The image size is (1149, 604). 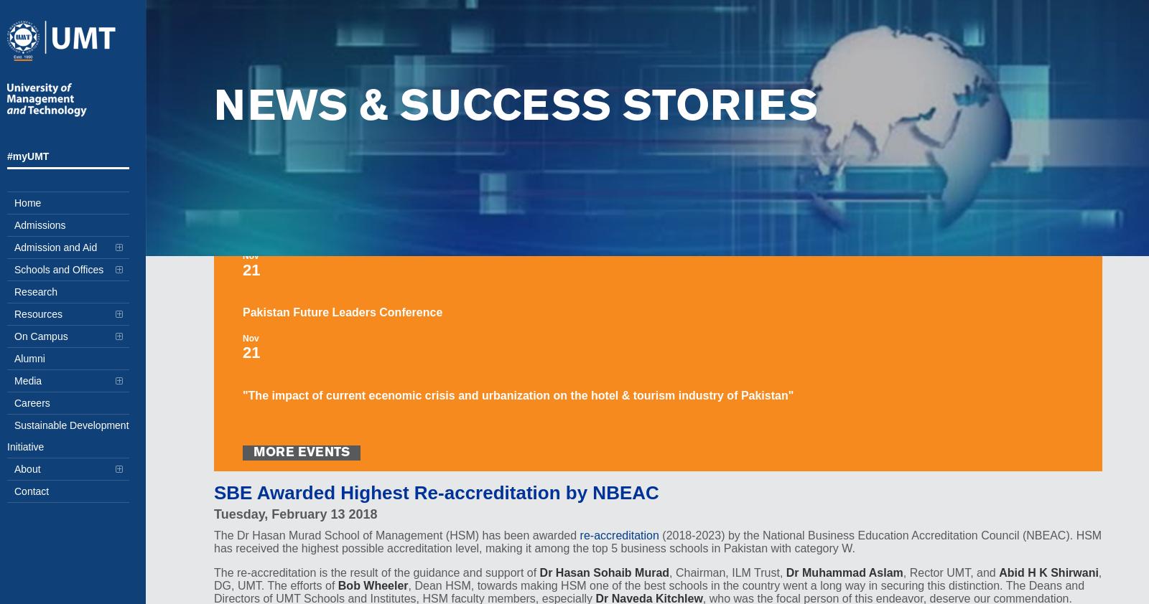 I want to click on '"The impact of current ecenomic crisis and urbanization on the hotel & tourism industry of Pakistan"', so click(x=518, y=394).